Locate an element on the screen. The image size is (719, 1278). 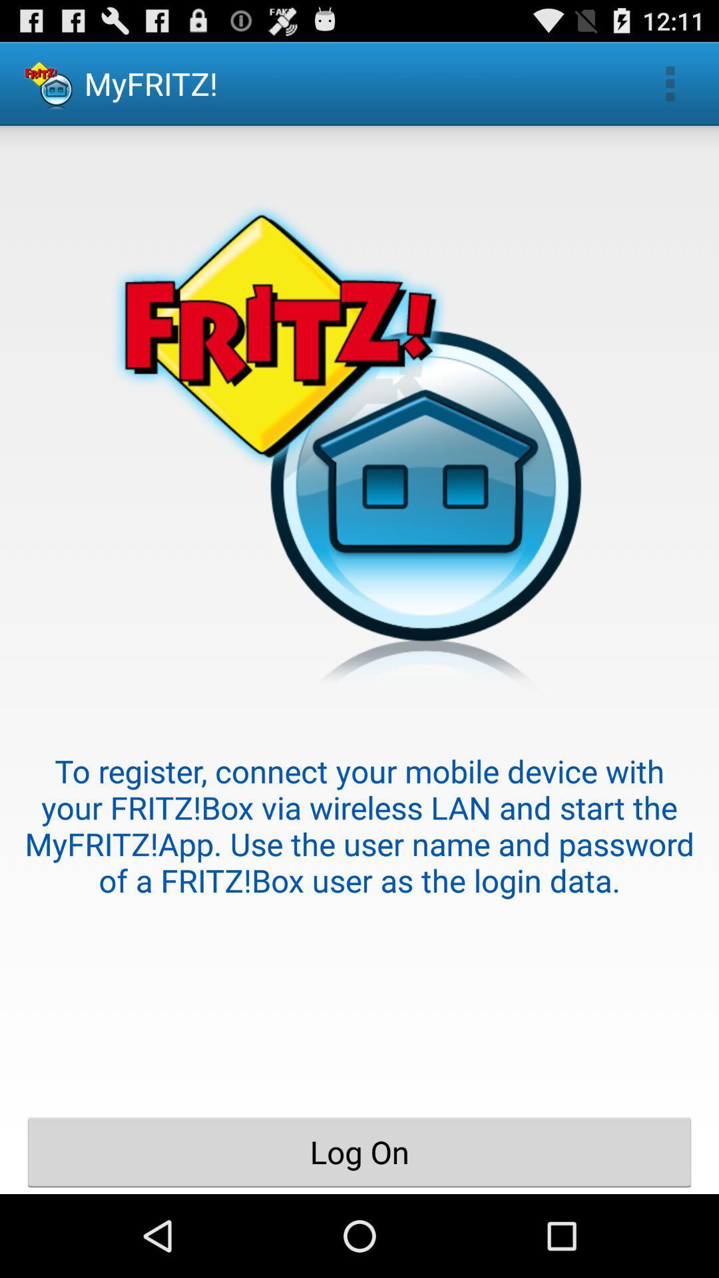
item at the top right corner is located at coordinates (670, 83).